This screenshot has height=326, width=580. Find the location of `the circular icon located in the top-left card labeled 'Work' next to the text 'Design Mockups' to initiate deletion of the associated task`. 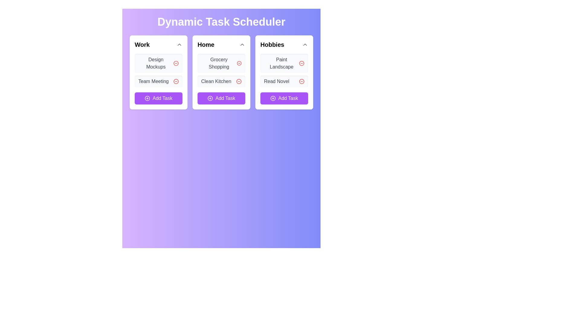

the circular icon located in the top-left card labeled 'Work' next to the text 'Design Mockups' to initiate deletion of the associated task is located at coordinates (176, 63).